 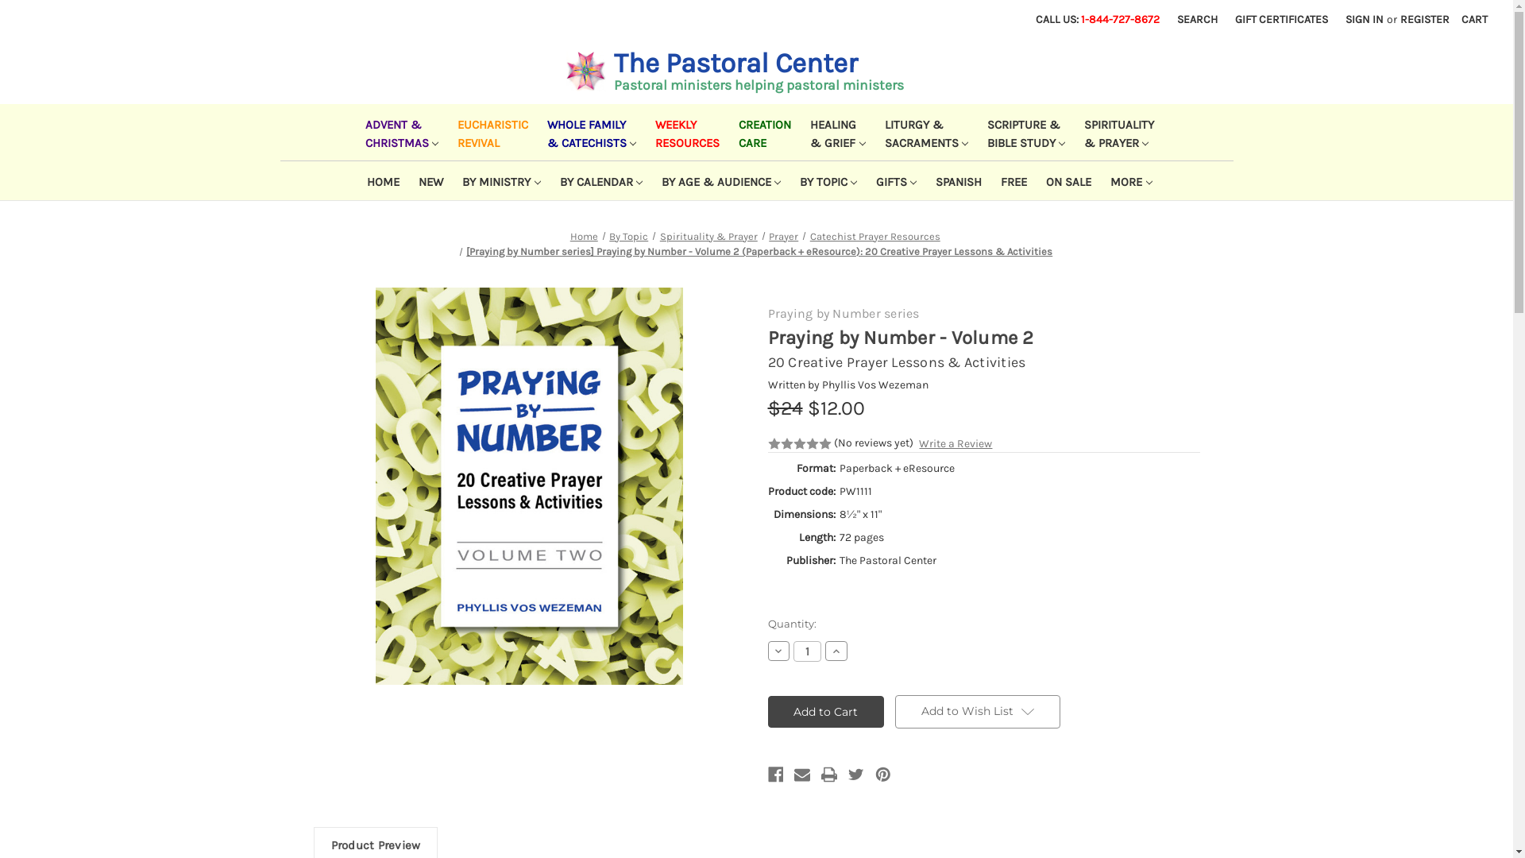 What do you see at coordinates (828, 774) in the screenshot?
I see `'Print'` at bounding box center [828, 774].